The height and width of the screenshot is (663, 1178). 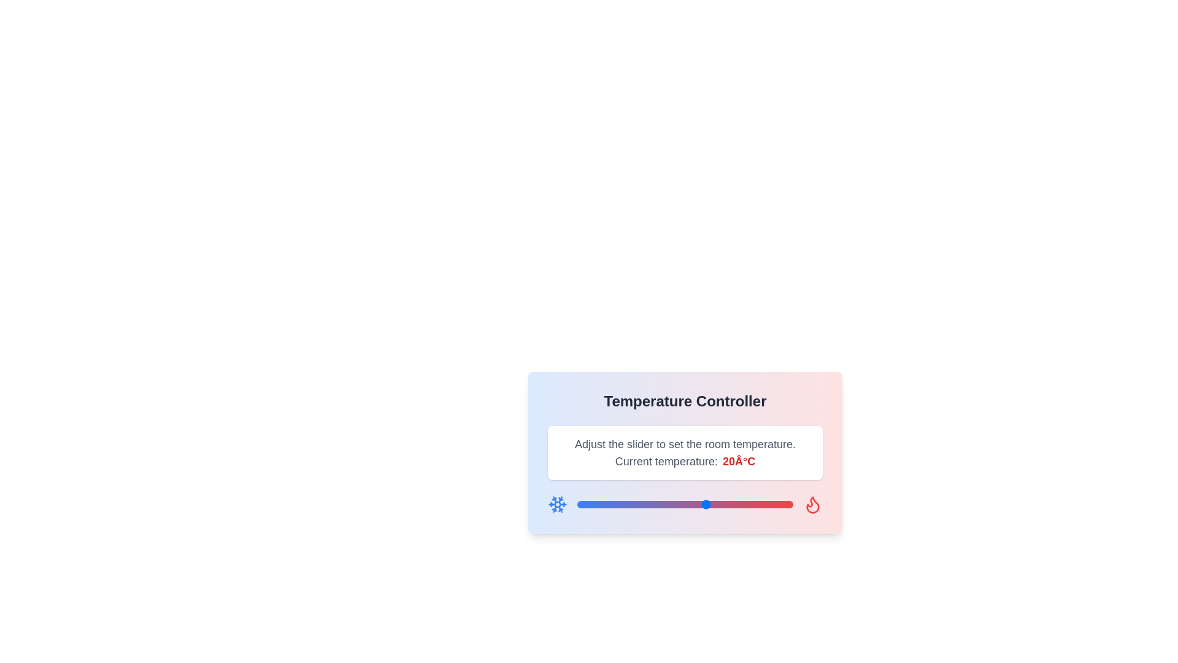 I want to click on the temperature slider to set the temperature to 4°C, so click(x=637, y=504).